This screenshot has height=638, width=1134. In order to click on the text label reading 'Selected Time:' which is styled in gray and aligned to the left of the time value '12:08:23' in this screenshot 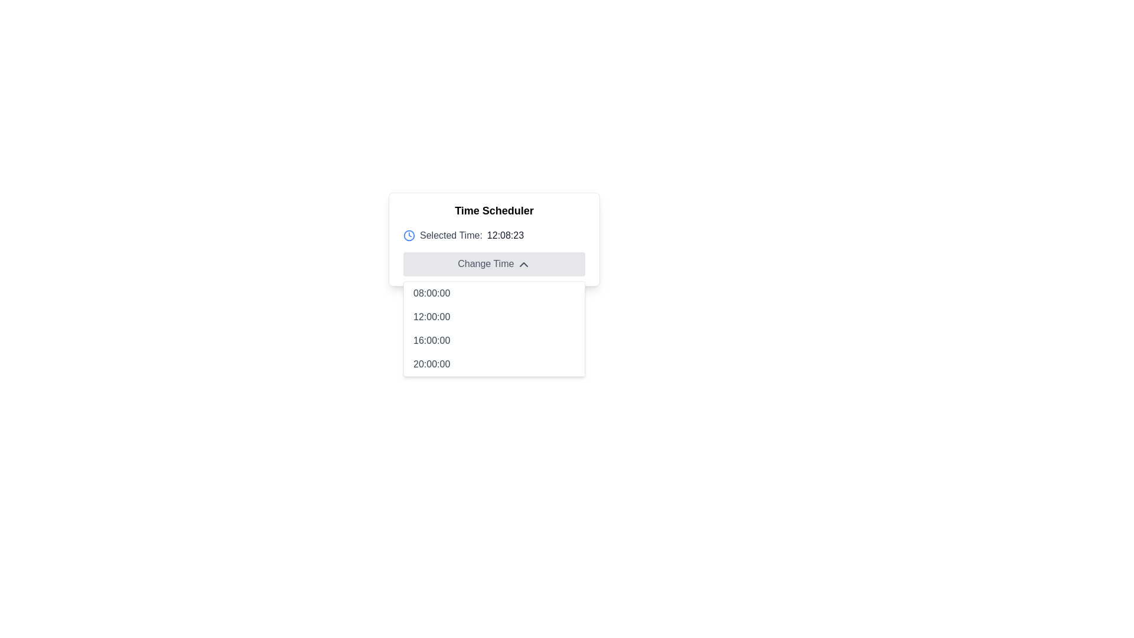, I will do `click(450, 235)`.